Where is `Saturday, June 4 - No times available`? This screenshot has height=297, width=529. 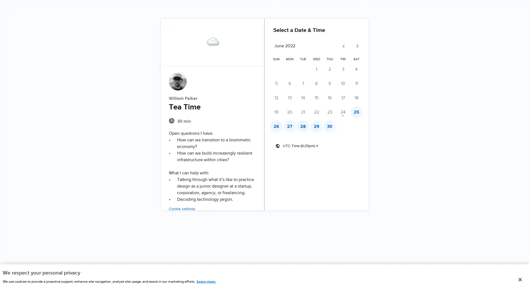 Saturday, June 4 - No times available is located at coordinates (362, 69).